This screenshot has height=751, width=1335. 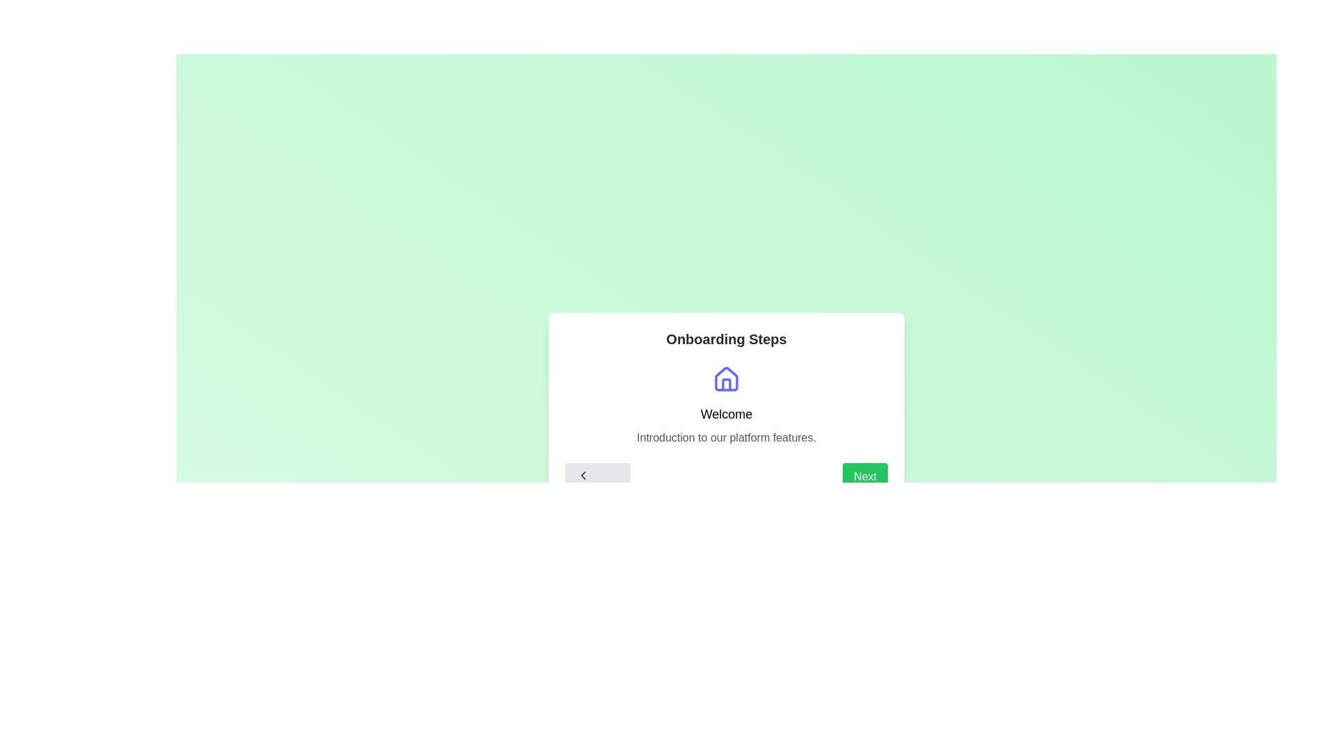 What do you see at coordinates (598, 483) in the screenshot?
I see `the state of the 'Previous' button, which is styled with a light gray background and dark gray text, featuring a left-facing chevron icon, located at the bottom left of the central panel` at bounding box center [598, 483].